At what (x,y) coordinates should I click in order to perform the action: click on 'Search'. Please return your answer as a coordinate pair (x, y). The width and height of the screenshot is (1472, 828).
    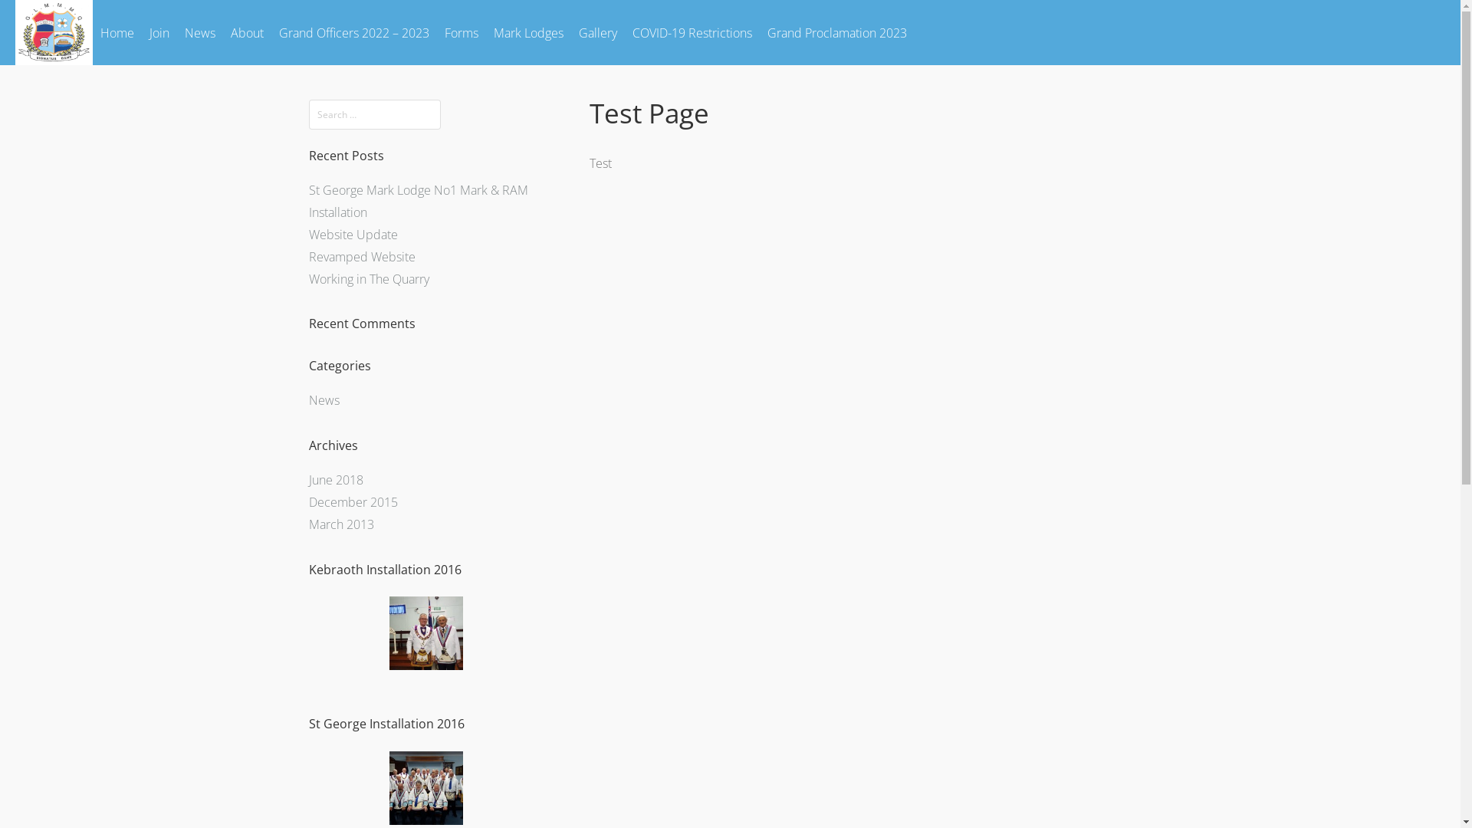
    Looking at the image, I should click on (0, 15).